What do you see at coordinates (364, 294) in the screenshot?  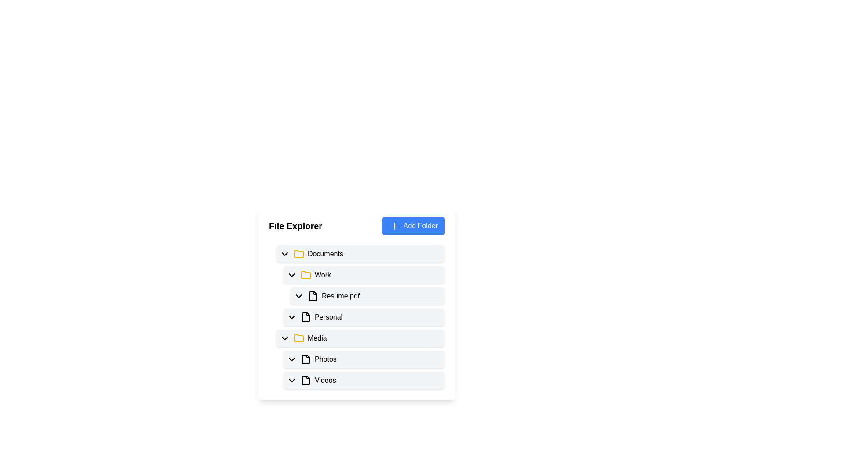 I see `the list item labeled 'Resume.pdf'` at bounding box center [364, 294].